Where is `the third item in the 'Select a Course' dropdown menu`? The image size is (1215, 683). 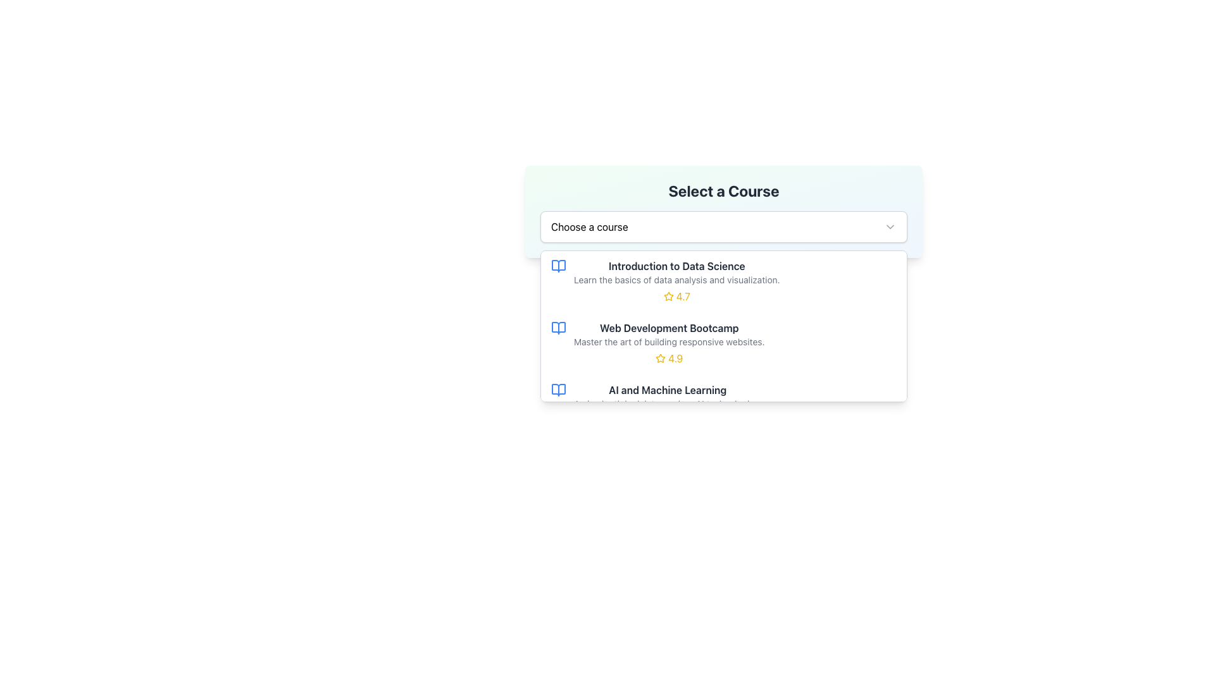
the third item in the 'Select a Course' dropdown menu is located at coordinates (723, 405).